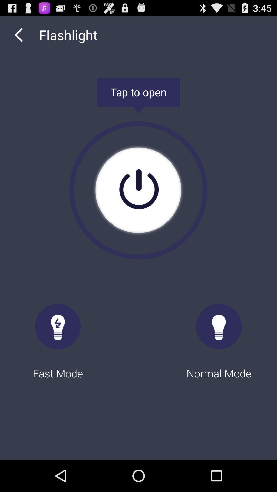 The height and width of the screenshot is (492, 277). I want to click on the icon to the left of the flashlight item, so click(18, 35).